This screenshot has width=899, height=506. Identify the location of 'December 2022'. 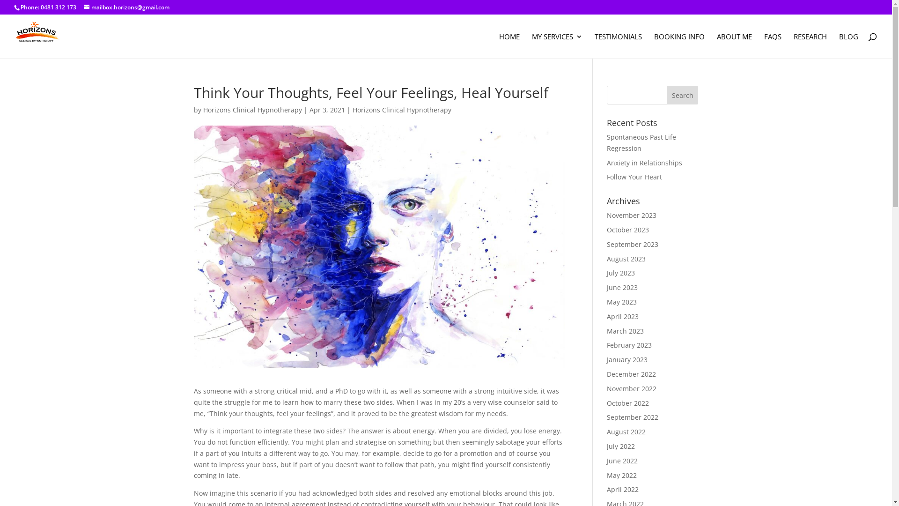
(631, 373).